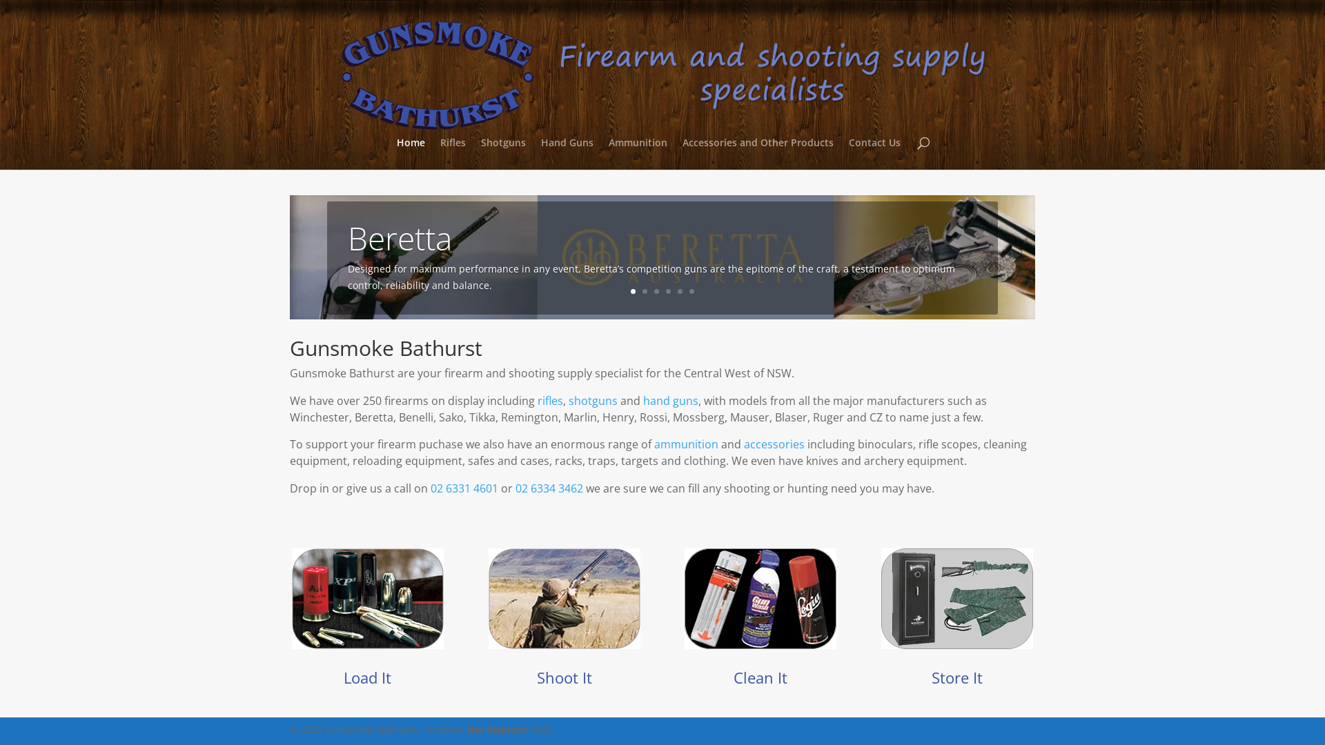 This screenshot has height=745, width=1325. What do you see at coordinates (497, 728) in the screenshot?
I see `'Net Maintain'` at bounding box center [497, 728].